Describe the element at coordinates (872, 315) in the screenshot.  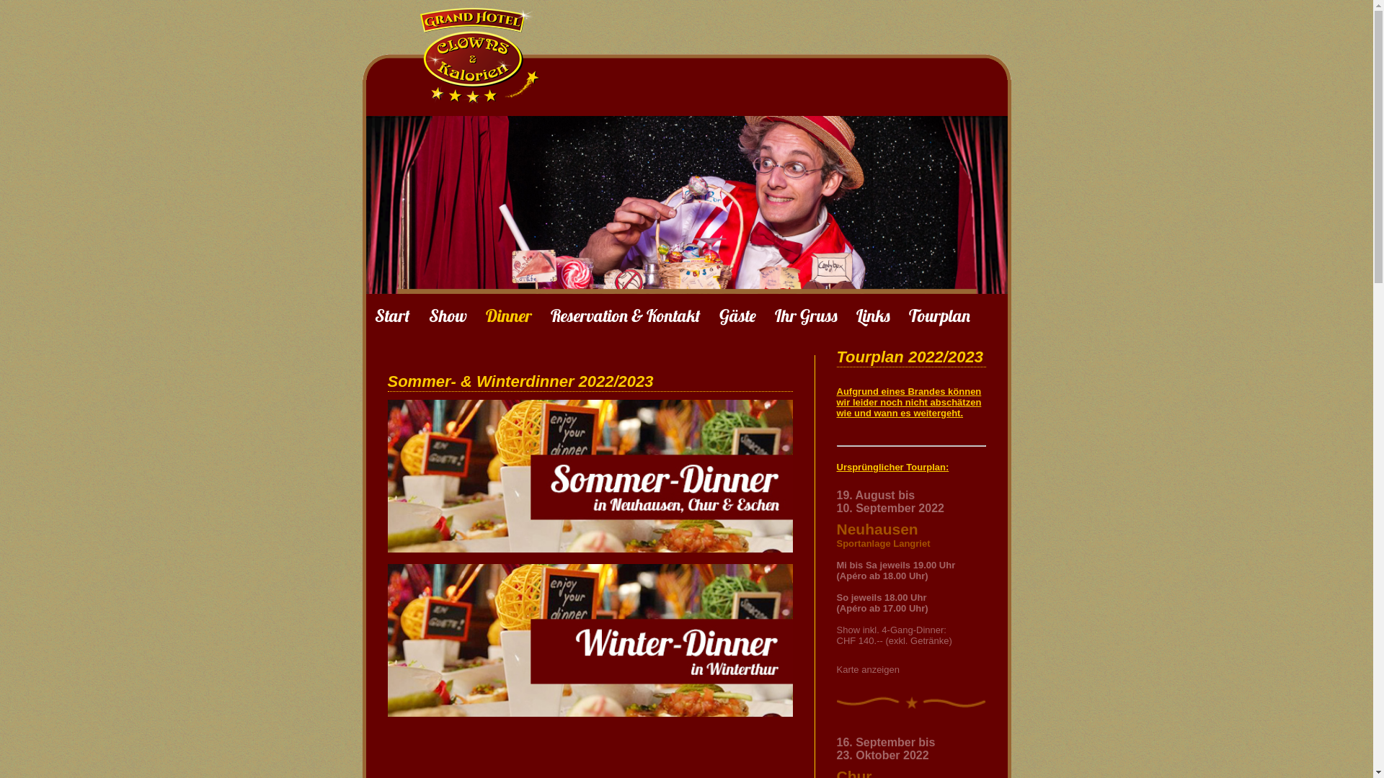
I see `'Links'` at that location.